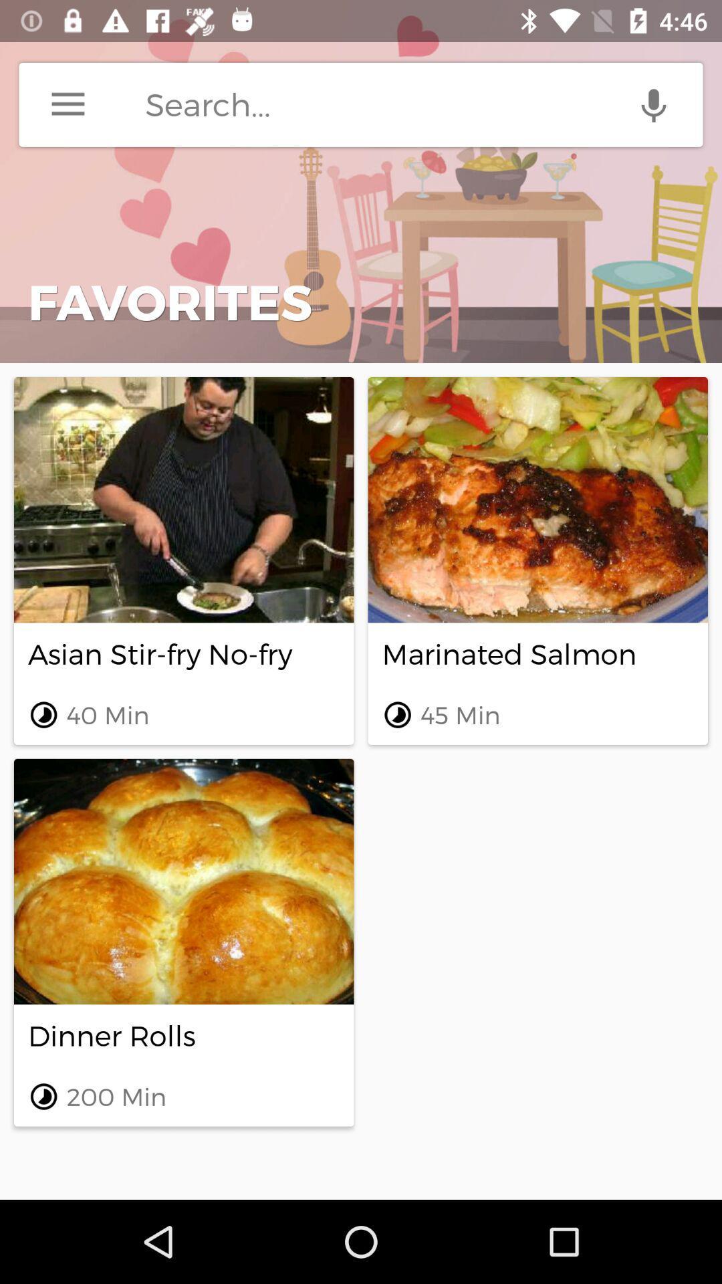 Image resolution: width=722 pixels, height=1284 pixels. I want to click on main menu, so click(68, 104).